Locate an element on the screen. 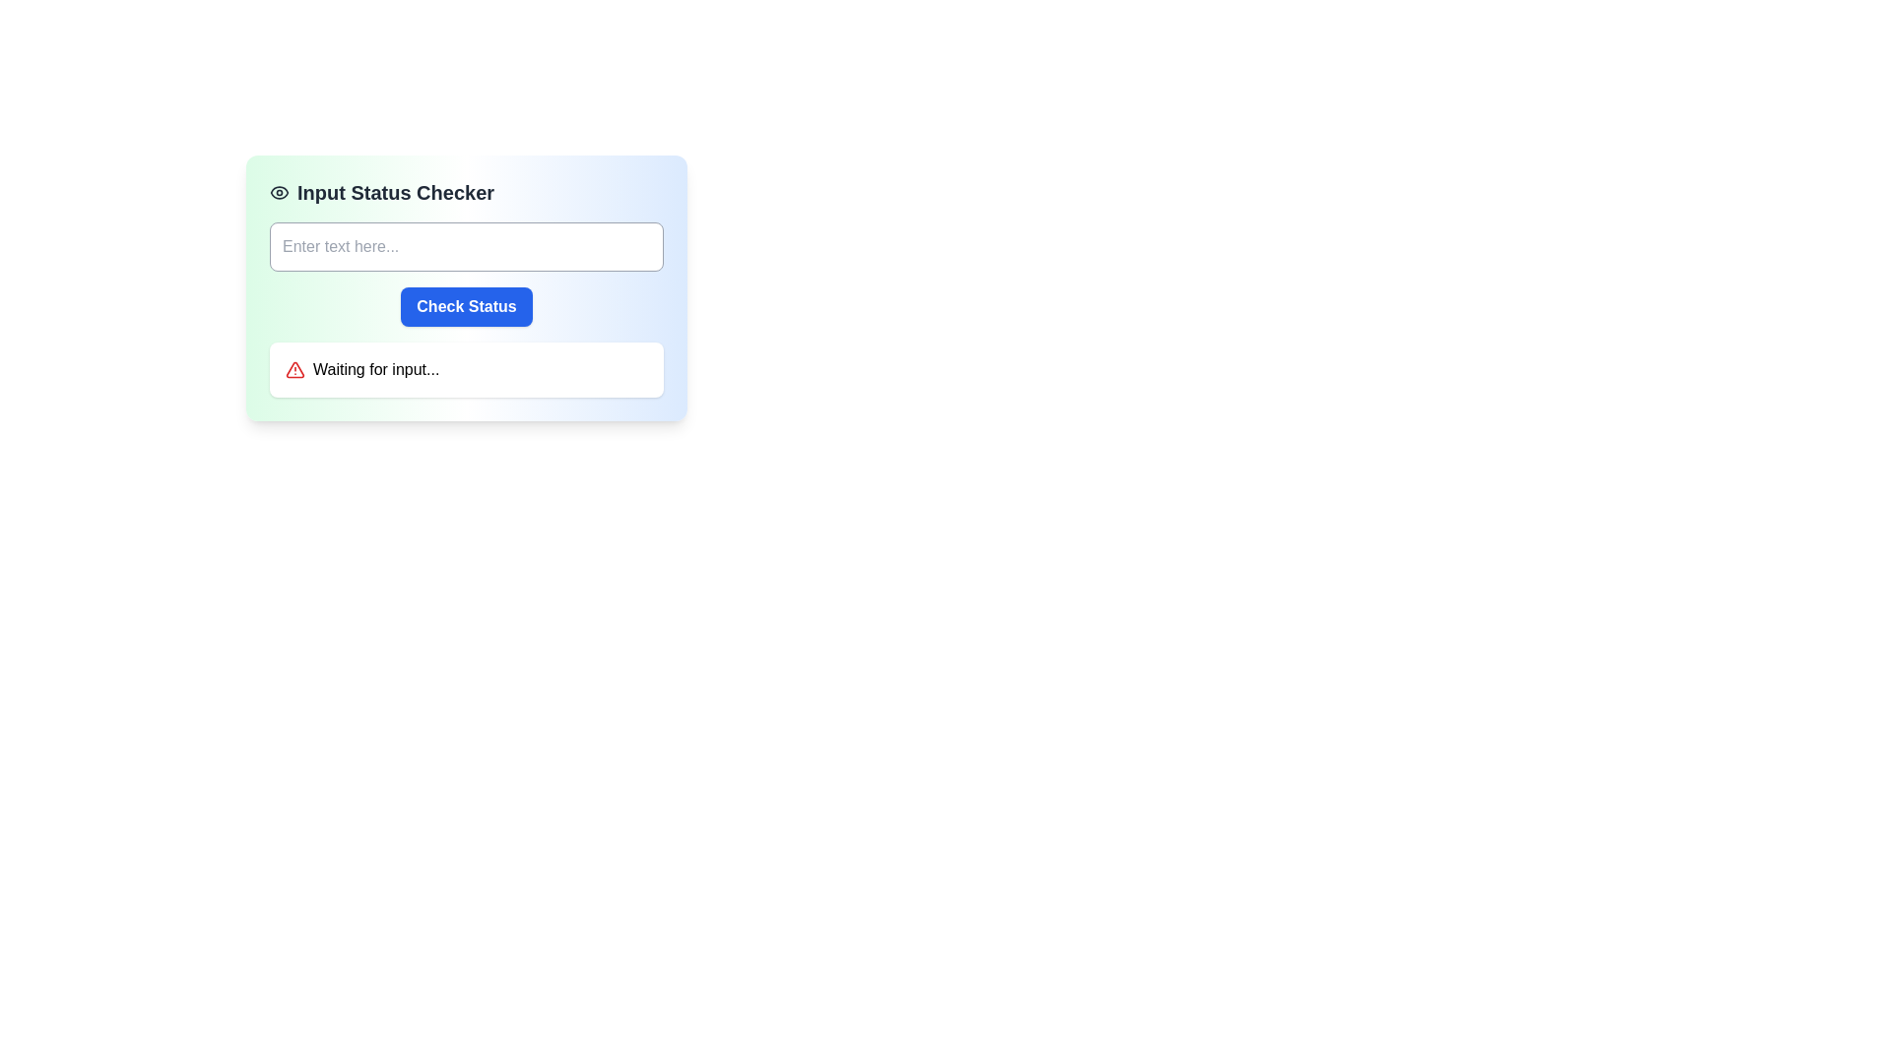  the prominent blue 'Check Status' button located on the 'Input Status Checker' panel is located at coordinates (466, 288).